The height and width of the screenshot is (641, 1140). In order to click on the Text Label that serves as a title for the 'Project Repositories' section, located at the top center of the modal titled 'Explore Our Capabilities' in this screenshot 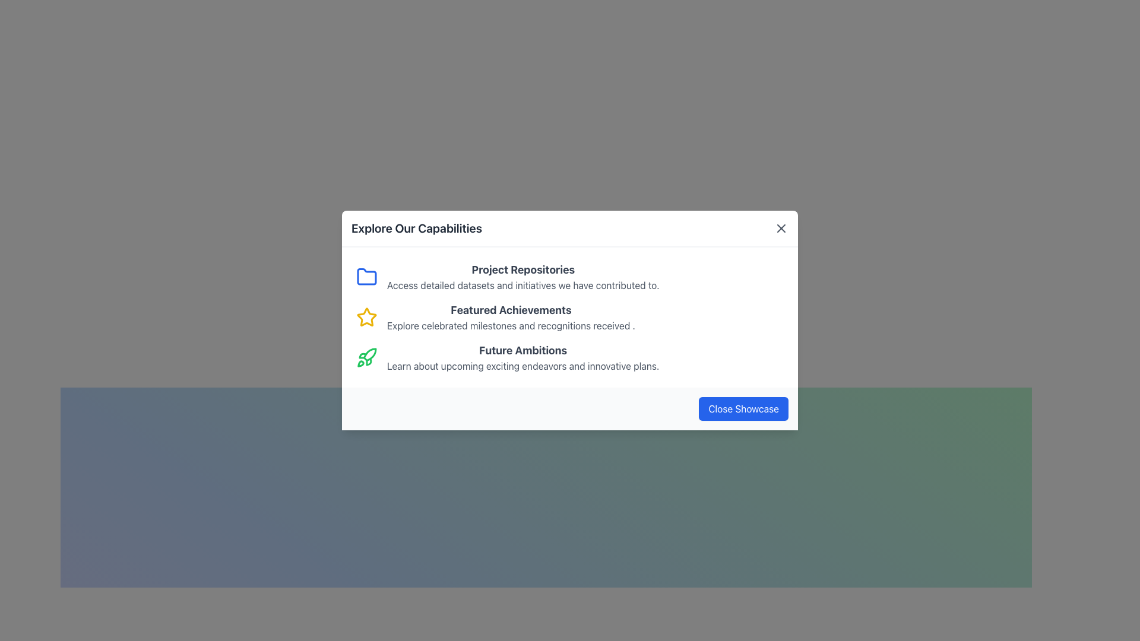, I will do `click(522, 270)`.